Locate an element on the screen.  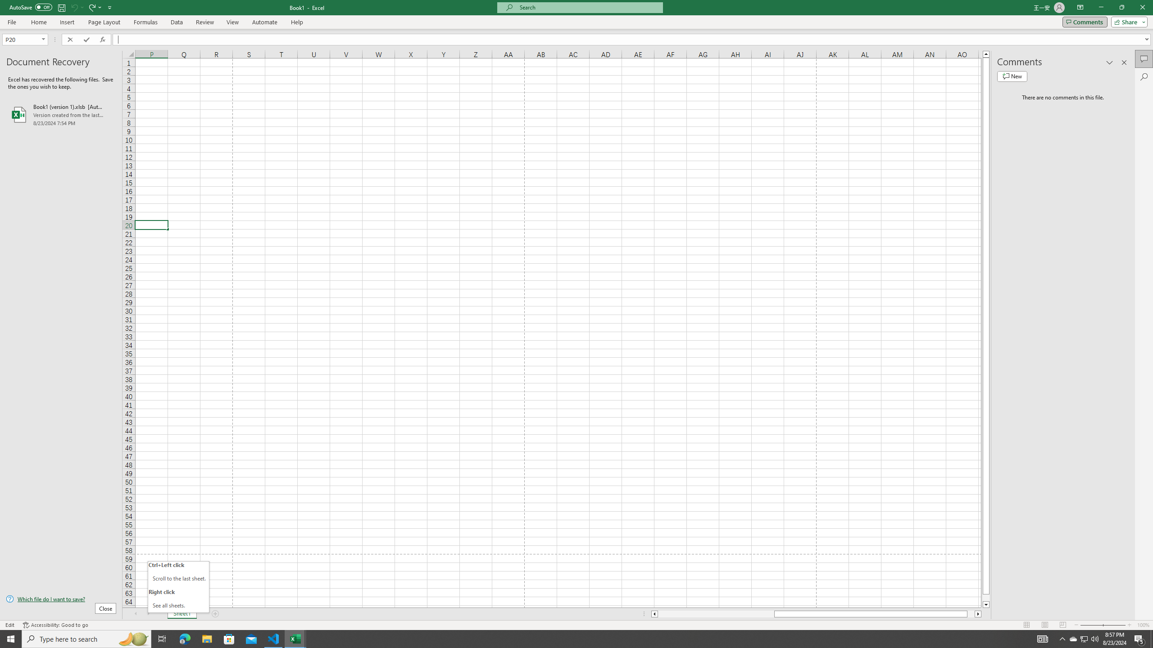
'Column right' is located at coordinates (978, 613).